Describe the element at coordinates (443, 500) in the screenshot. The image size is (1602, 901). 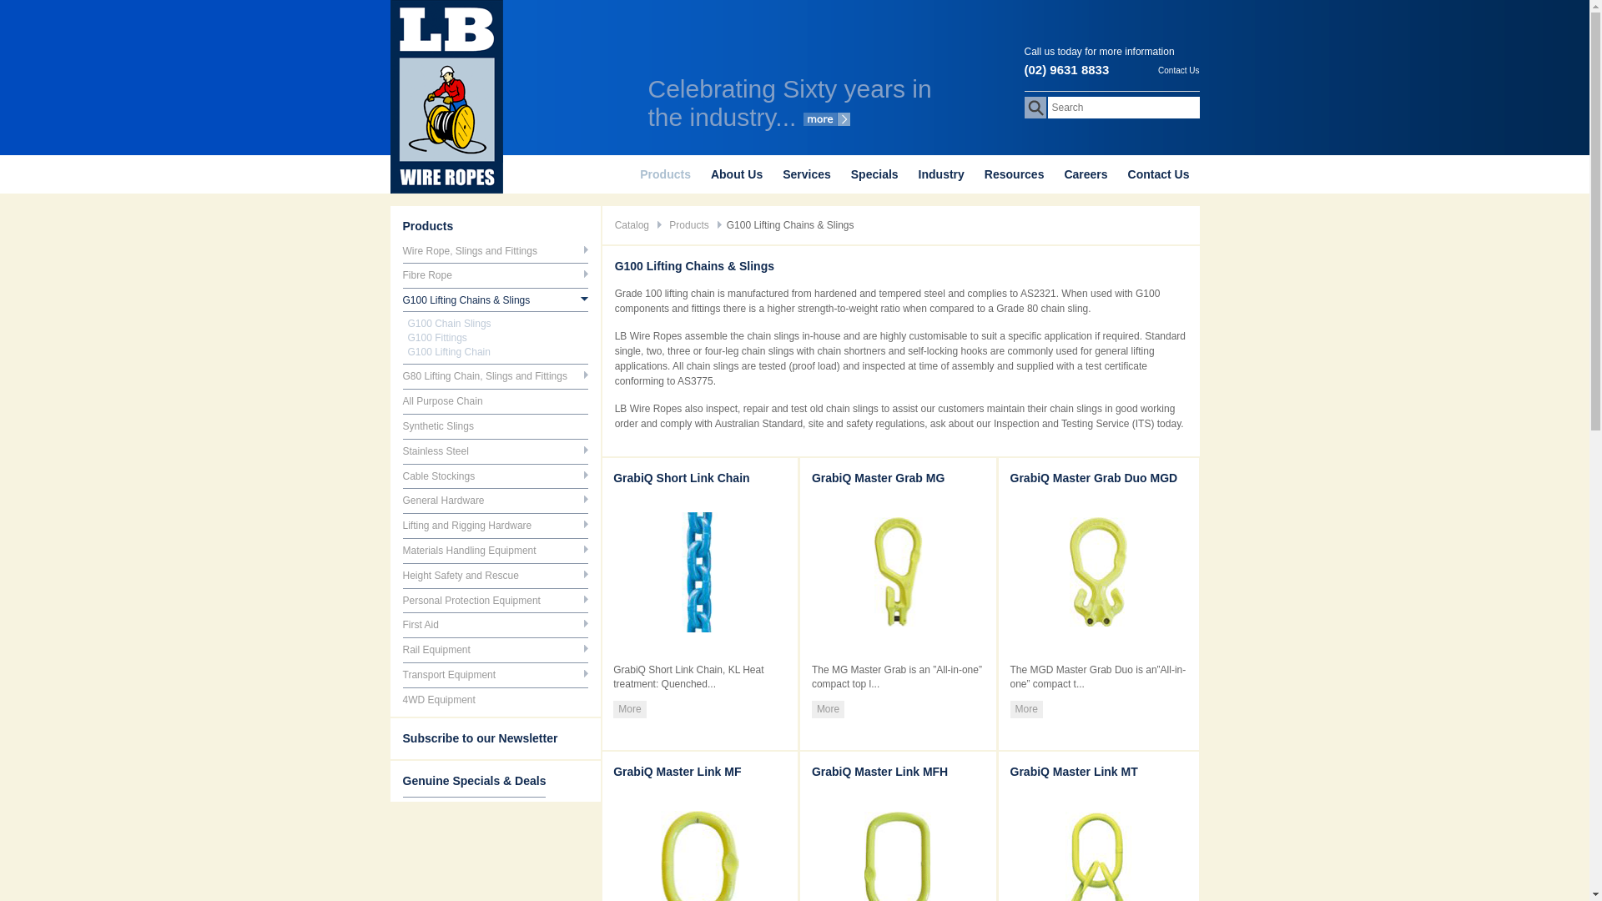
I see `'General Hardware'` at that location.